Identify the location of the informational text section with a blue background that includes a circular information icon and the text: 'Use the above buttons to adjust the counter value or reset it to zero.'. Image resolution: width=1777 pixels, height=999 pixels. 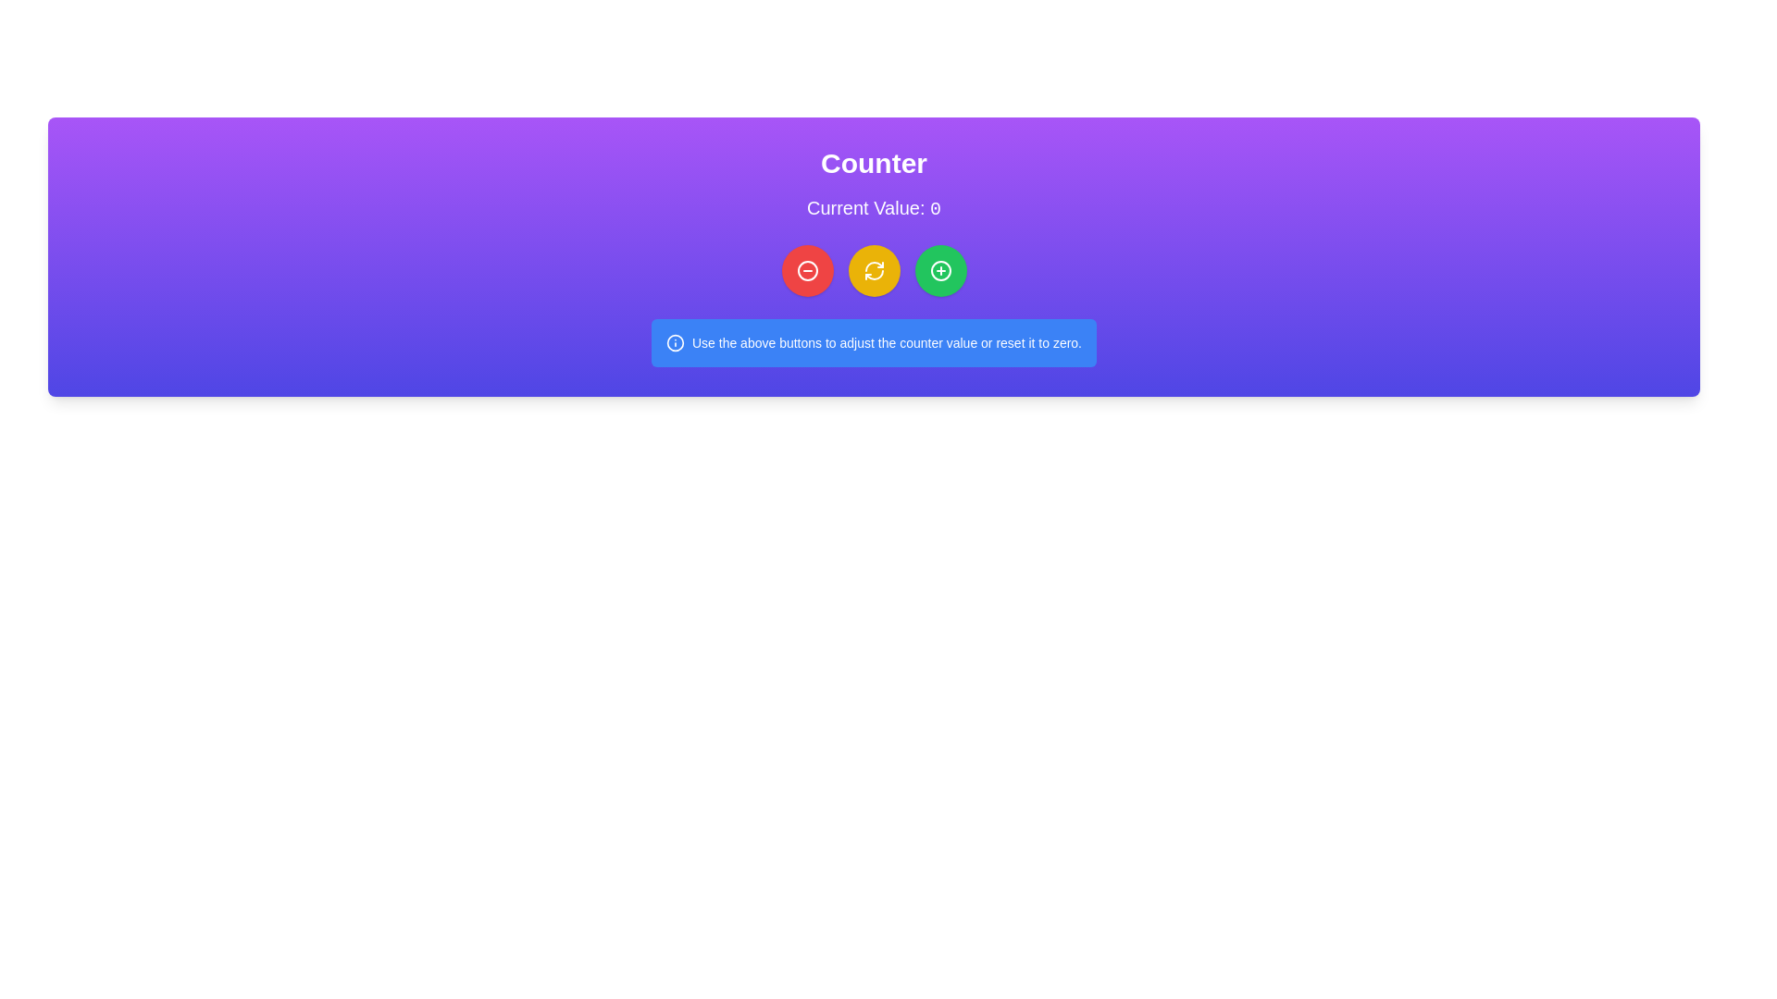
(873, 342).